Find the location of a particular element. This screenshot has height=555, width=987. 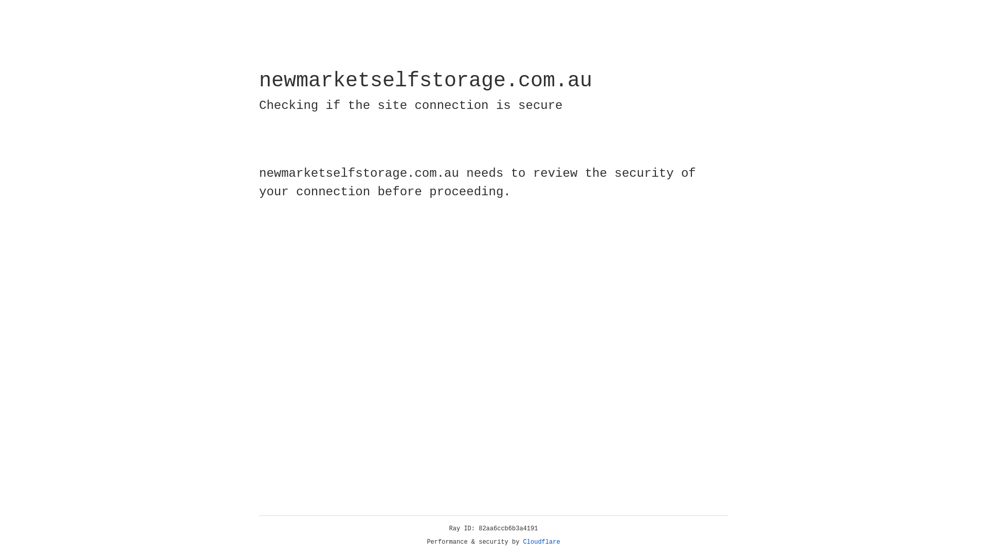

'Cloudflare' is located at coordinates (541, 542).